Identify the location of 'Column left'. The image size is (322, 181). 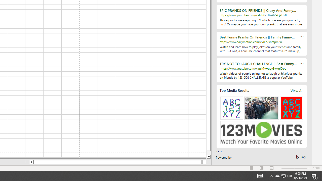
(31, 162).